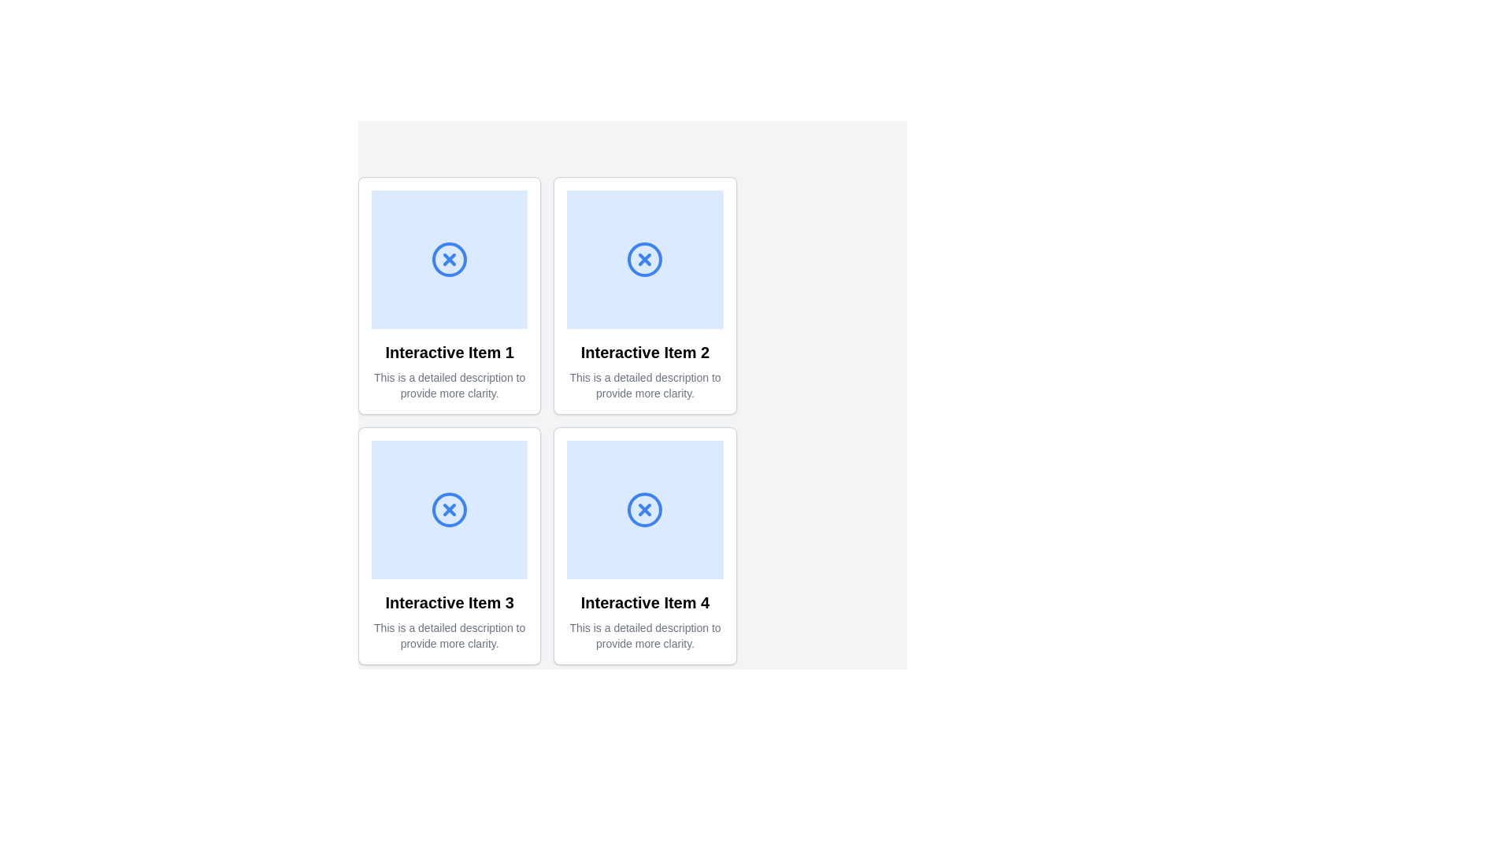  What do you see at coordinates (645, 510) in the screenshot?
I see `the circular icon featuring an 'X' mark within a light blue box, which is prominently located in the 'Interactive Item 4' grid card` at bounding box center [645, 510].